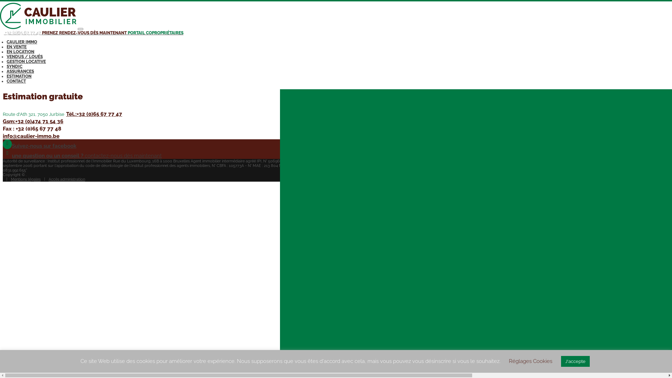  I want to click on 'GESTION LOCATIVE', so click(26, 61).